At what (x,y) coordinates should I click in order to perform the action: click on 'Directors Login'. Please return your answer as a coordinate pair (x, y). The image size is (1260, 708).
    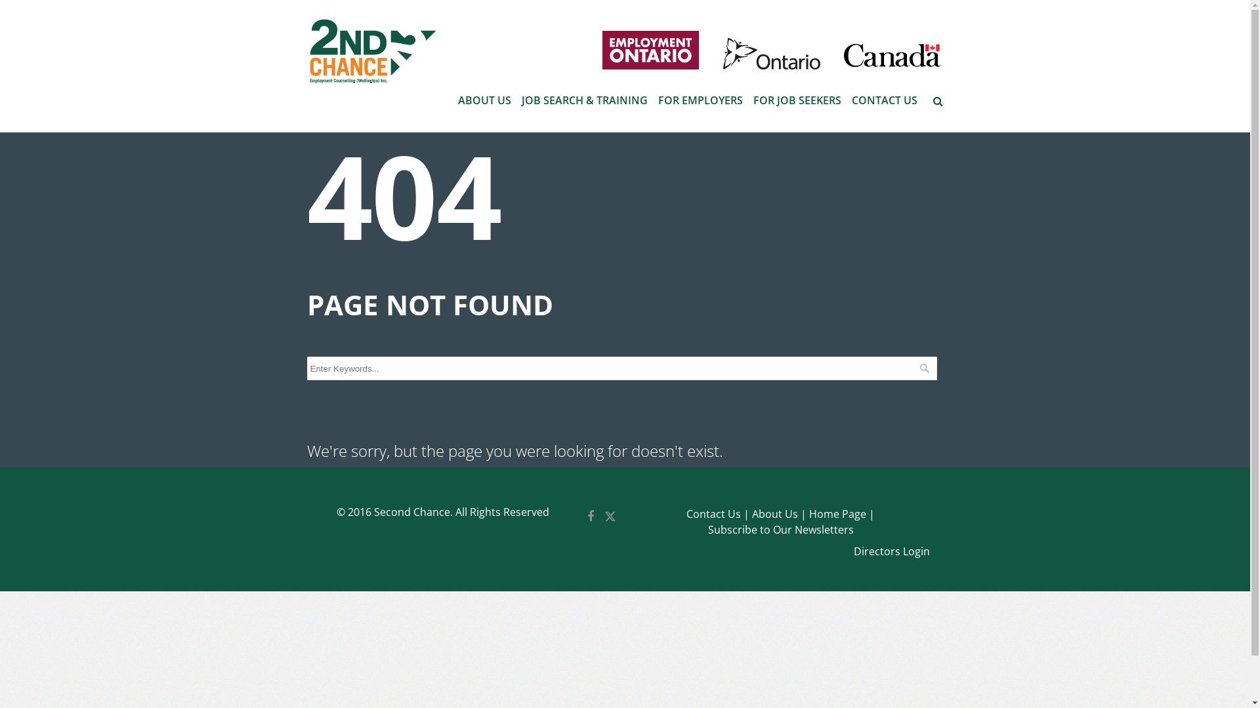
    Looking at the image, I should click on (891, 551).